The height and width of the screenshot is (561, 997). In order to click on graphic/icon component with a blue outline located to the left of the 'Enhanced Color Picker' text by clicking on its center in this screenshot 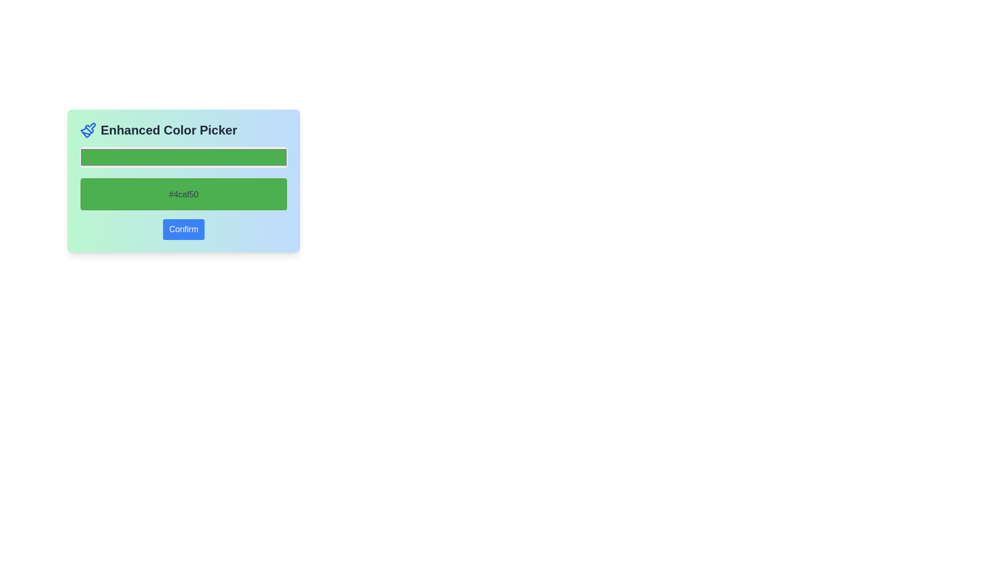, I will do `click(90, 127)`.